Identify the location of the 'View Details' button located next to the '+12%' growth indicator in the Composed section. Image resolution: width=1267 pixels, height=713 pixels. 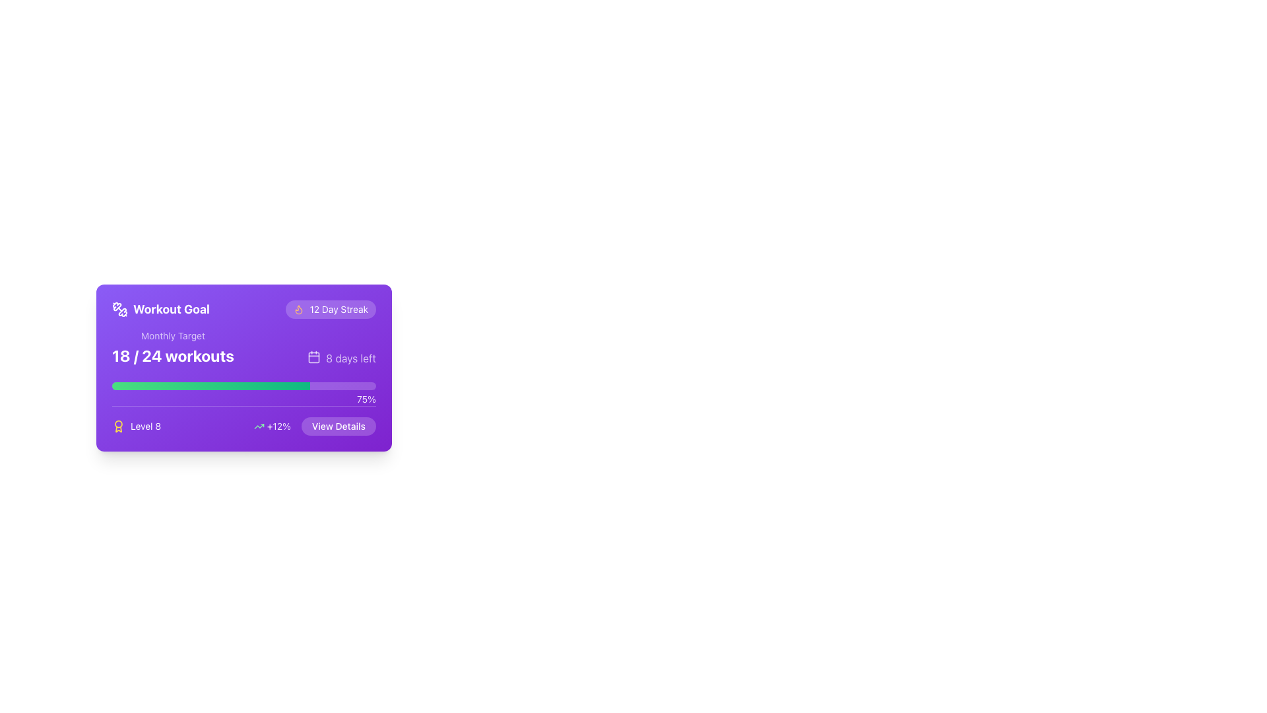
(314, 426).